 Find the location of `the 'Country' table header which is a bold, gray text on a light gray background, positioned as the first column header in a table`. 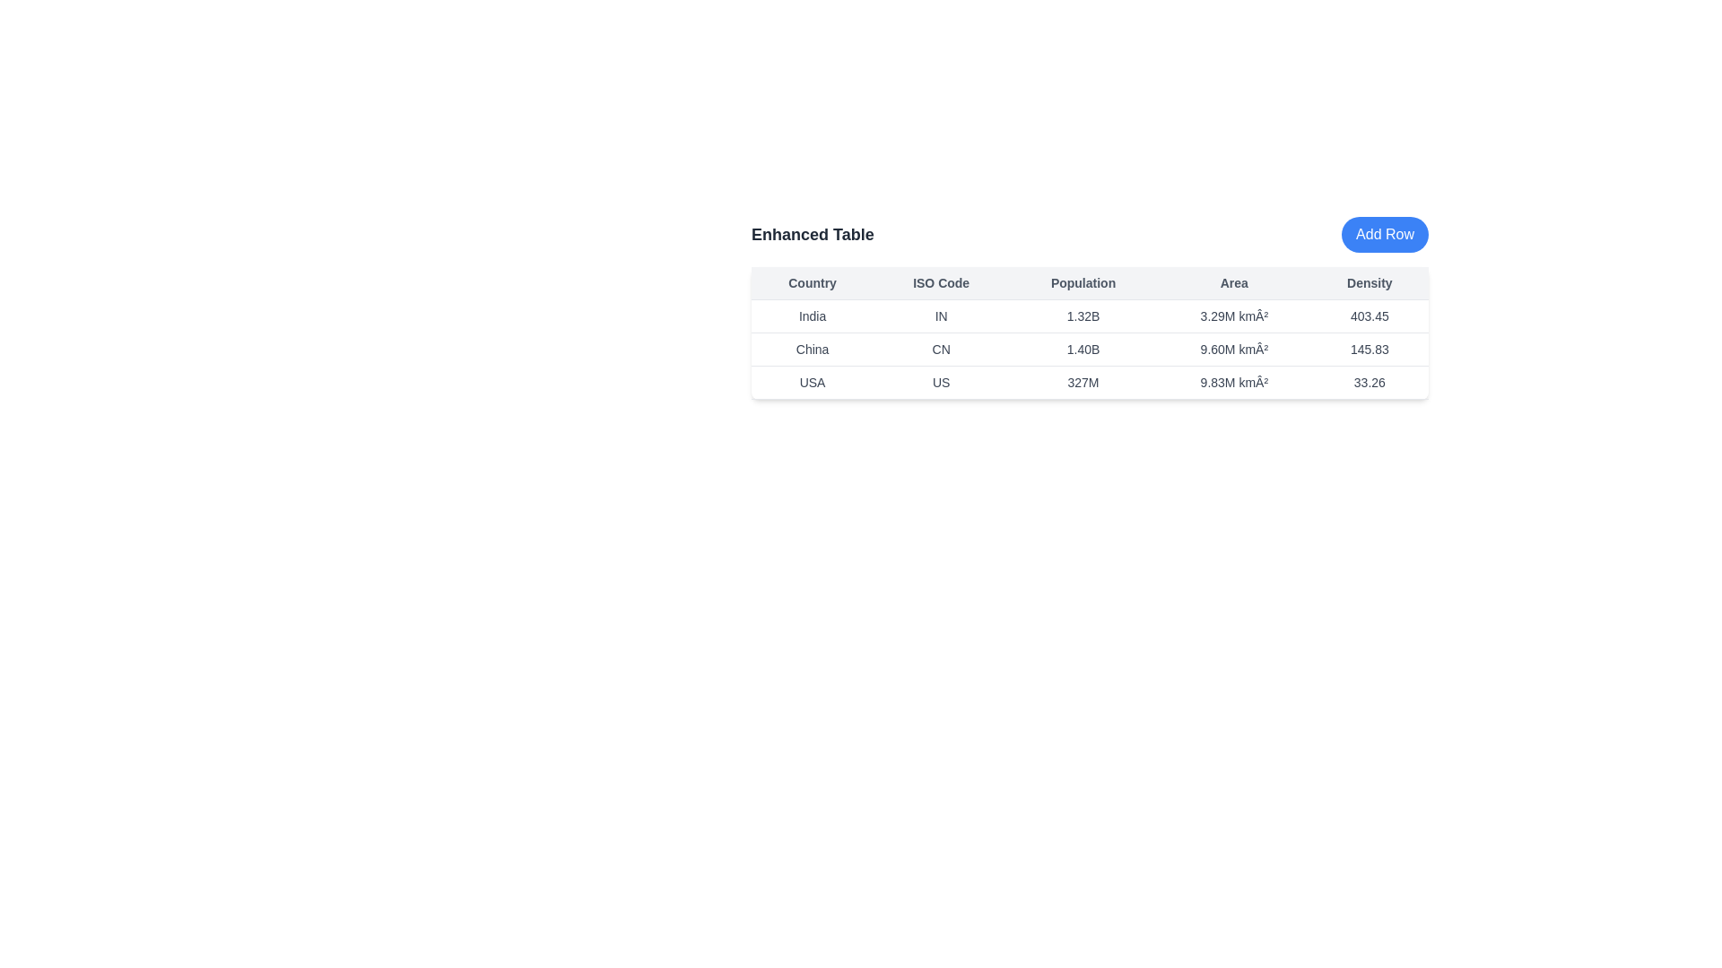

the 'Country' table header which is a bold, gray text on a light gray background, positioned as the first column header in a table is located at coordinates (812, 282).